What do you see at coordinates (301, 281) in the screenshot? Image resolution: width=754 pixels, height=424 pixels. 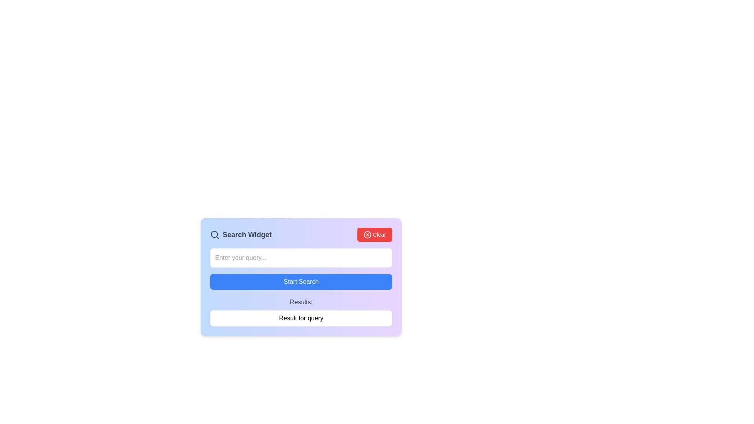 I see `the 'Start Search' button, which is a rectangular button with rounded corners, a solid blue background, and white text, located below the 'Enter your query...' input field in the search widget interface` at bounding box center [301, 281].